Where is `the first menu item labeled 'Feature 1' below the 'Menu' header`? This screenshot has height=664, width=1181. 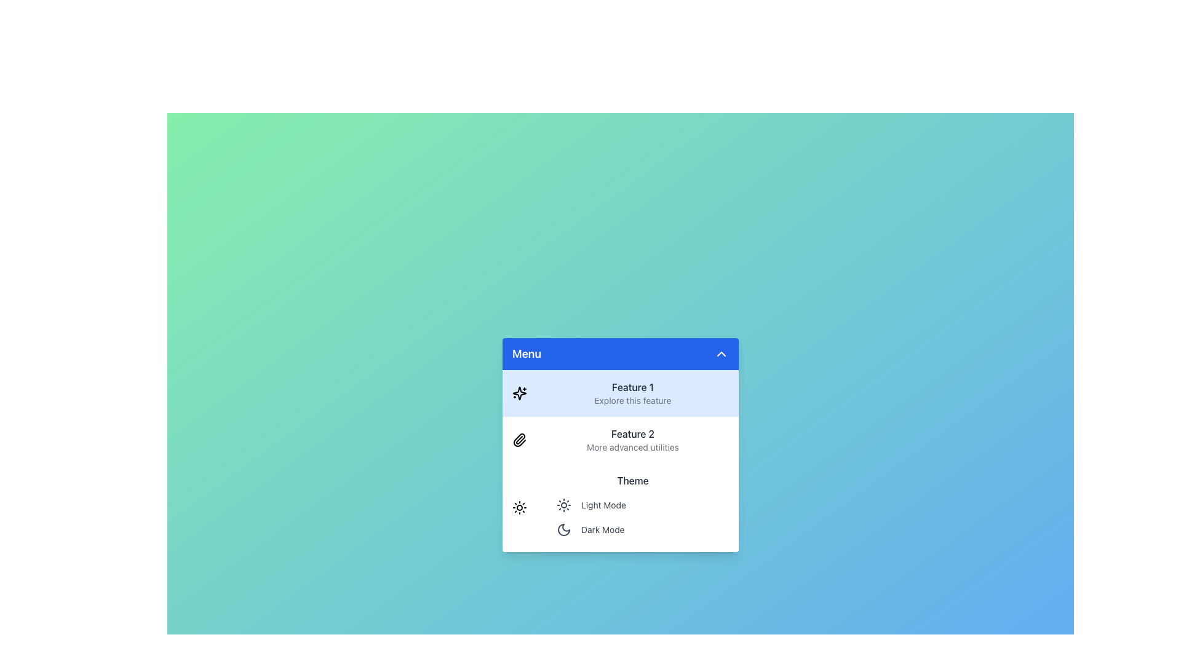
the first menu item labeled 'Feature 1' below the 'Menu' header is located at coordinates (620, 393).